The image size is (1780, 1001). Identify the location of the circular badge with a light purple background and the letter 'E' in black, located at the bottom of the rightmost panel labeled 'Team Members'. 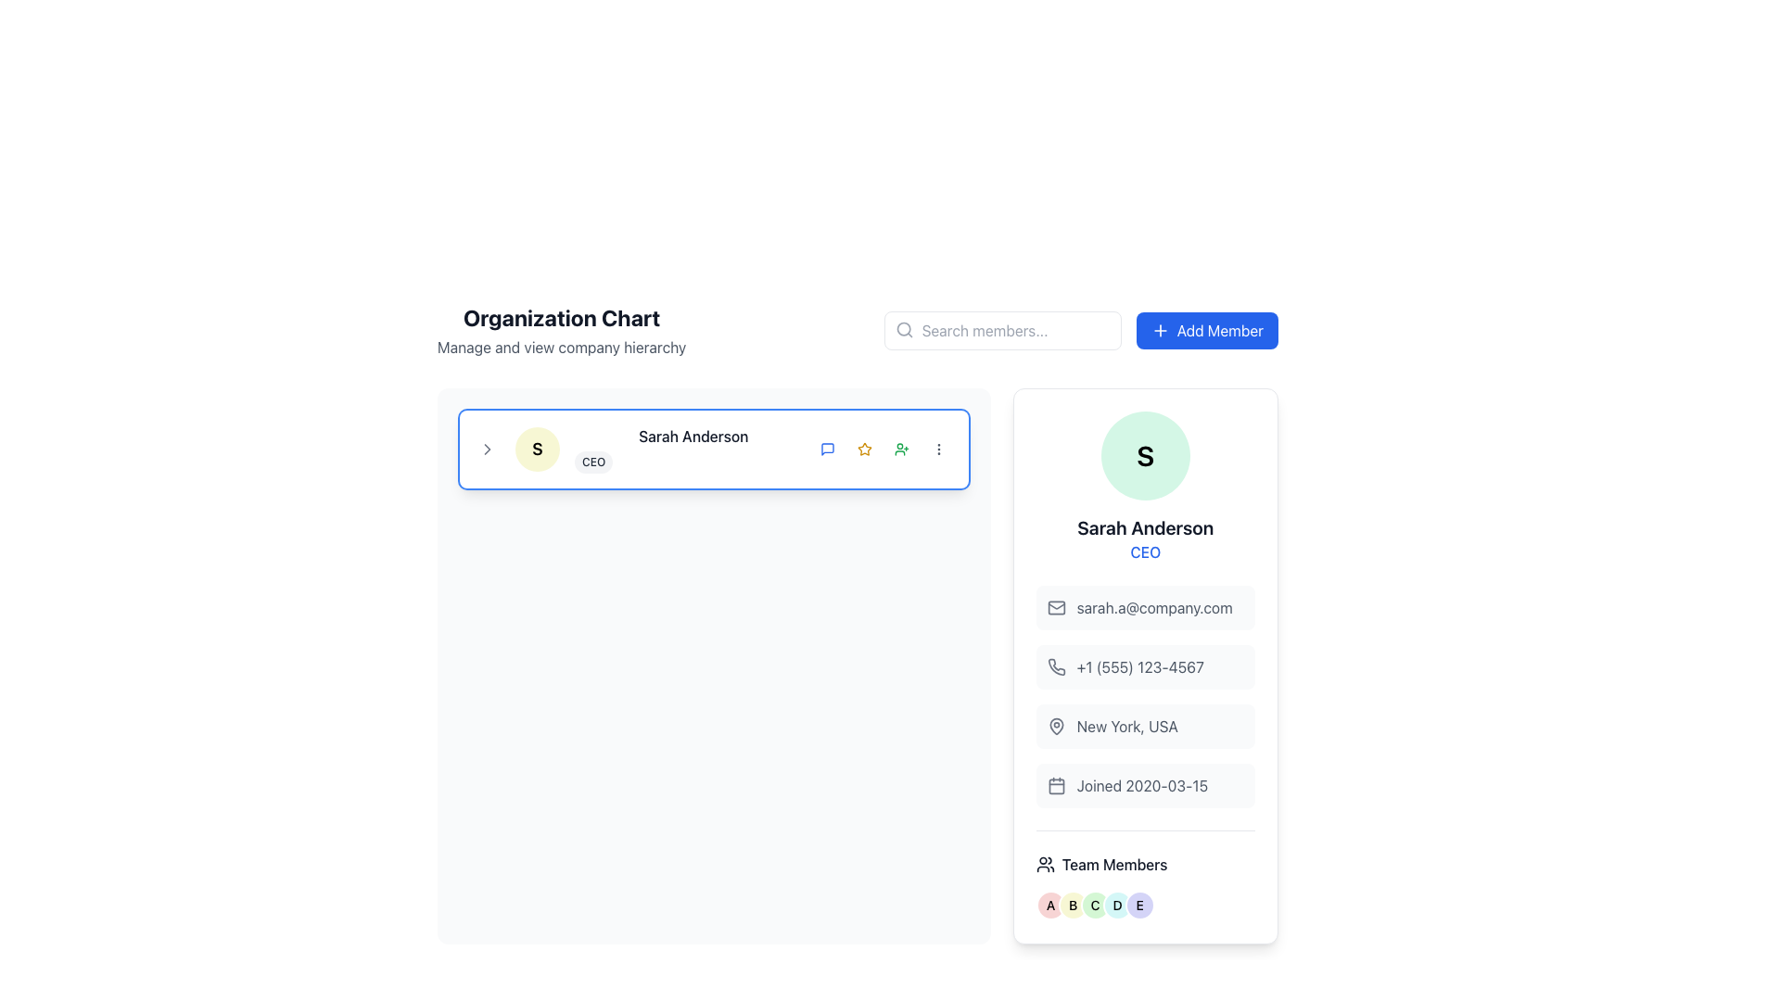
(1138, 904).